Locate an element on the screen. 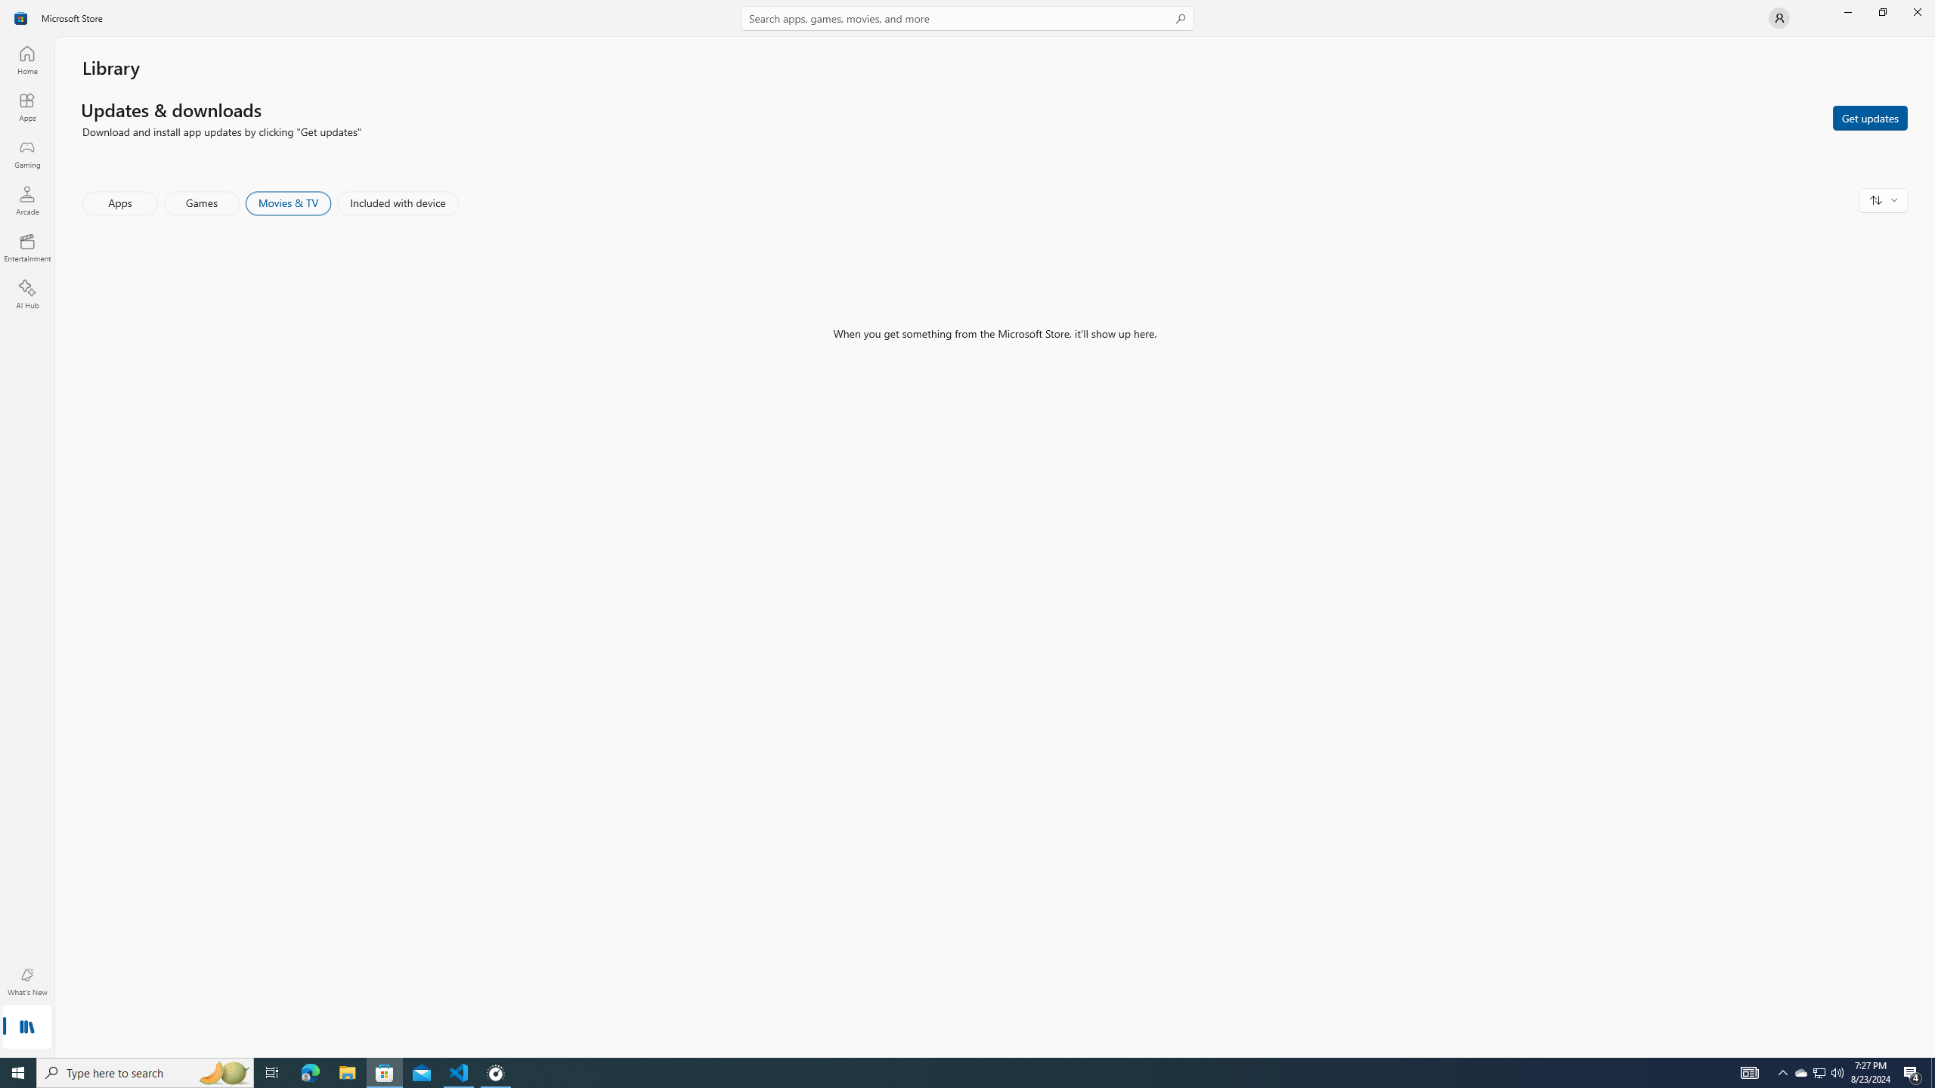 Image resolution: width=1935 pixels, height=1088 pixels. 'Search' is located at coordinates (967, 17).